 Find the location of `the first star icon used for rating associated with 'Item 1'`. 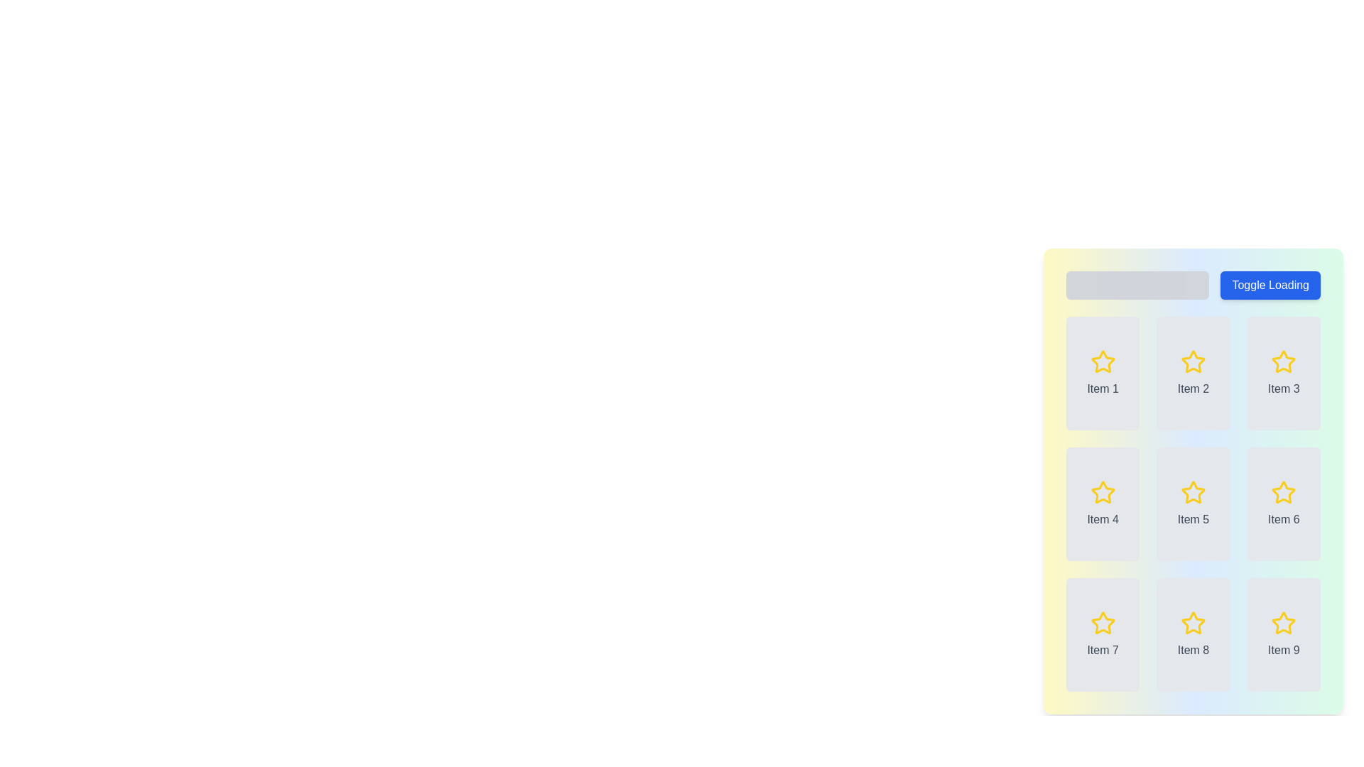

the first star icon used for rating associated with 'Item 1' is located at coordinates (1102, 361).